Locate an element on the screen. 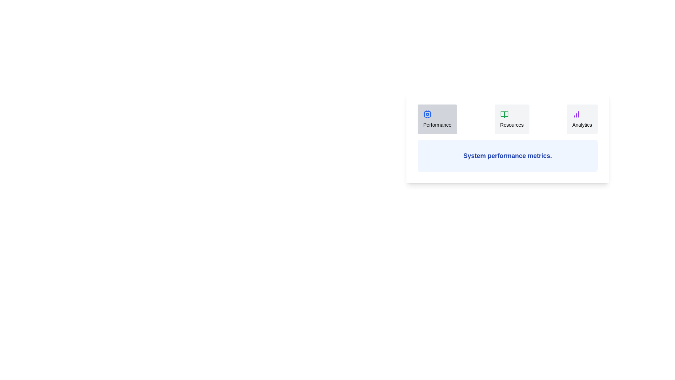 Image resolution: width=675 pixels, height=380 pixels. the Performance tab to view its content is located at coordinates (437, 119).